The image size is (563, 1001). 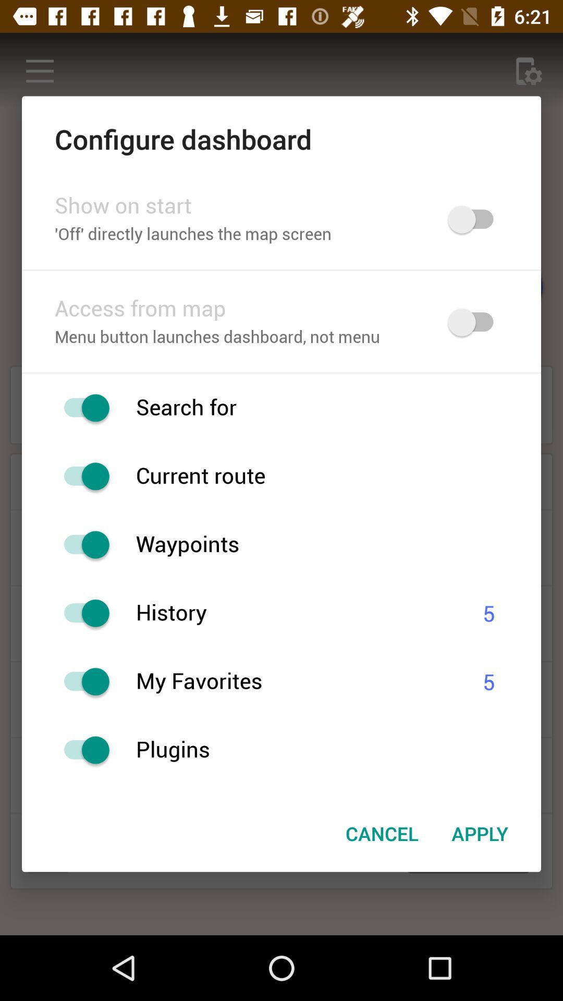 What do you see at coordinates (238, 206) in the screenshot?
I see `the item below configure dashboard` at bounding box center [238, 206].